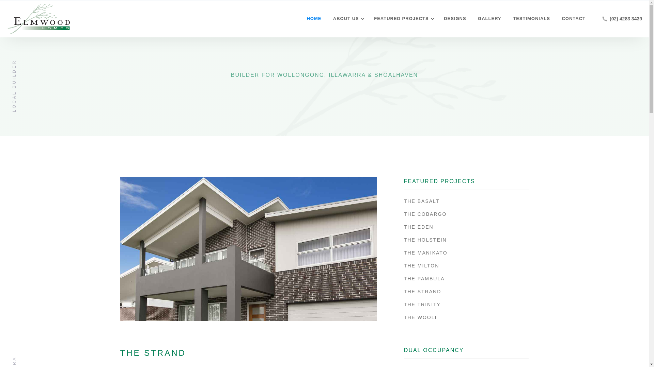 The height and width of the screenshot is (367, 654). What do you see at coordinates (466, 213) in the screenshot?
I see `'THE COBARGO'` at bounding box center [466, 213].